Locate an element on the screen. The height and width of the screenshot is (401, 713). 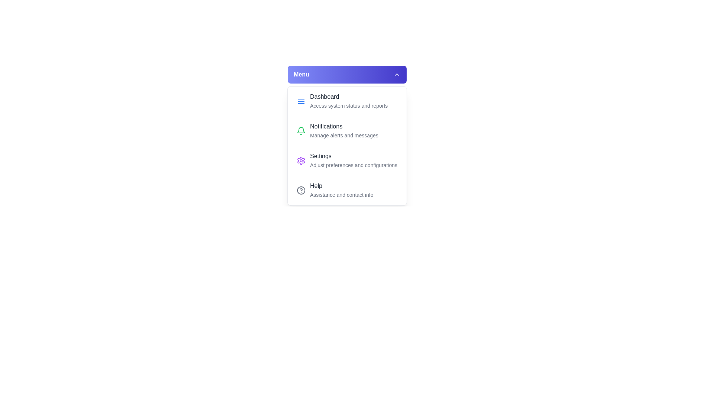
the second menu entry in the vertical list is located at coordinates (344, 131).